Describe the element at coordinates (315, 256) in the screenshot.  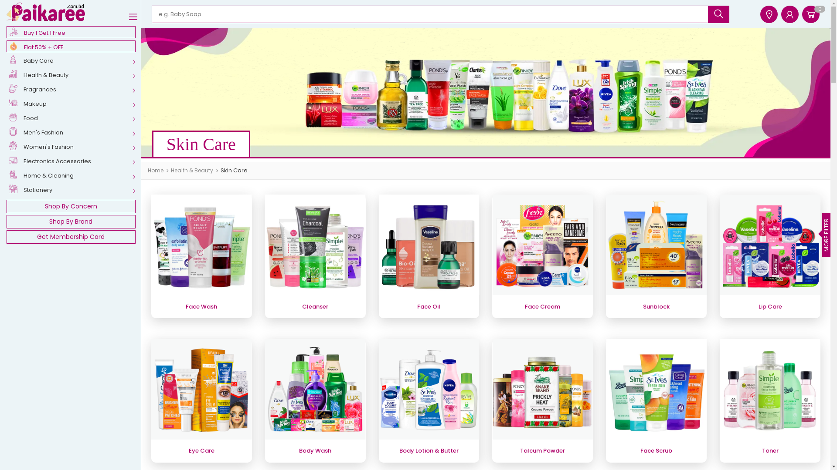
I see `'Cleanser'` at that location.